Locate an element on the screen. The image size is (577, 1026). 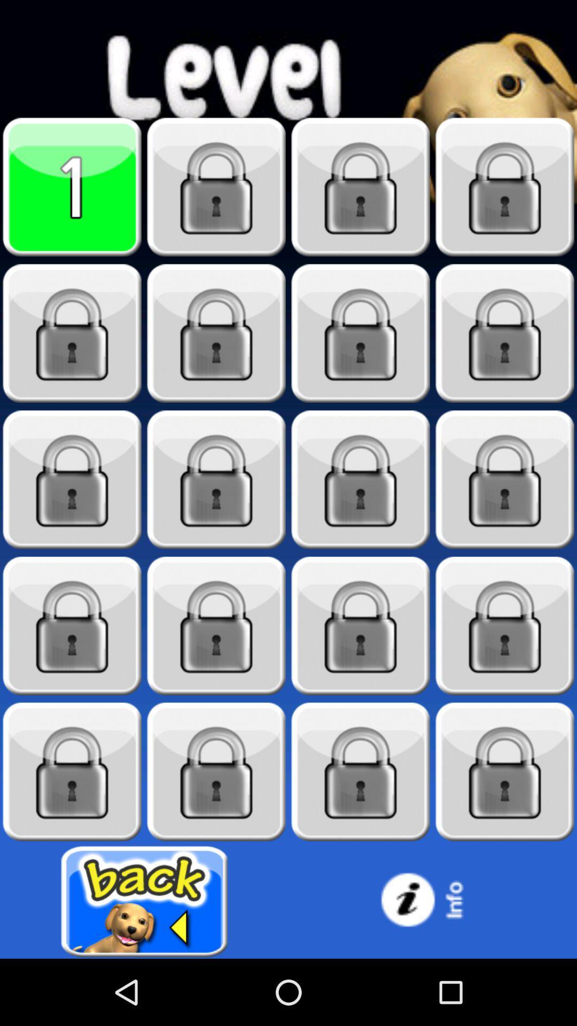
unlock is located at coordinates (361, 333).